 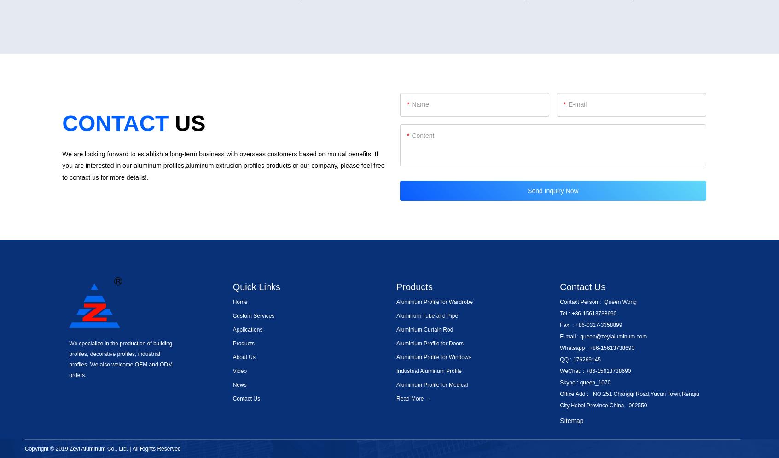 I want to click on 'We specialize in the production of building profiles, decorative profiles, industrial profiles. We also welcome OEM and ODM orders.', so click(x=120, y=359).